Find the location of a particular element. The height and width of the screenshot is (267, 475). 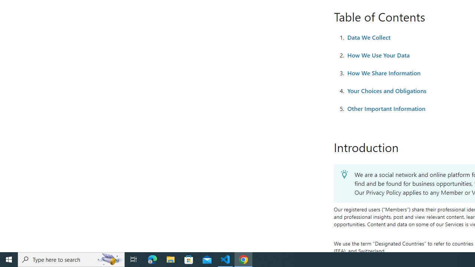

'How We Share Information' is located at coordinates (384, 73).